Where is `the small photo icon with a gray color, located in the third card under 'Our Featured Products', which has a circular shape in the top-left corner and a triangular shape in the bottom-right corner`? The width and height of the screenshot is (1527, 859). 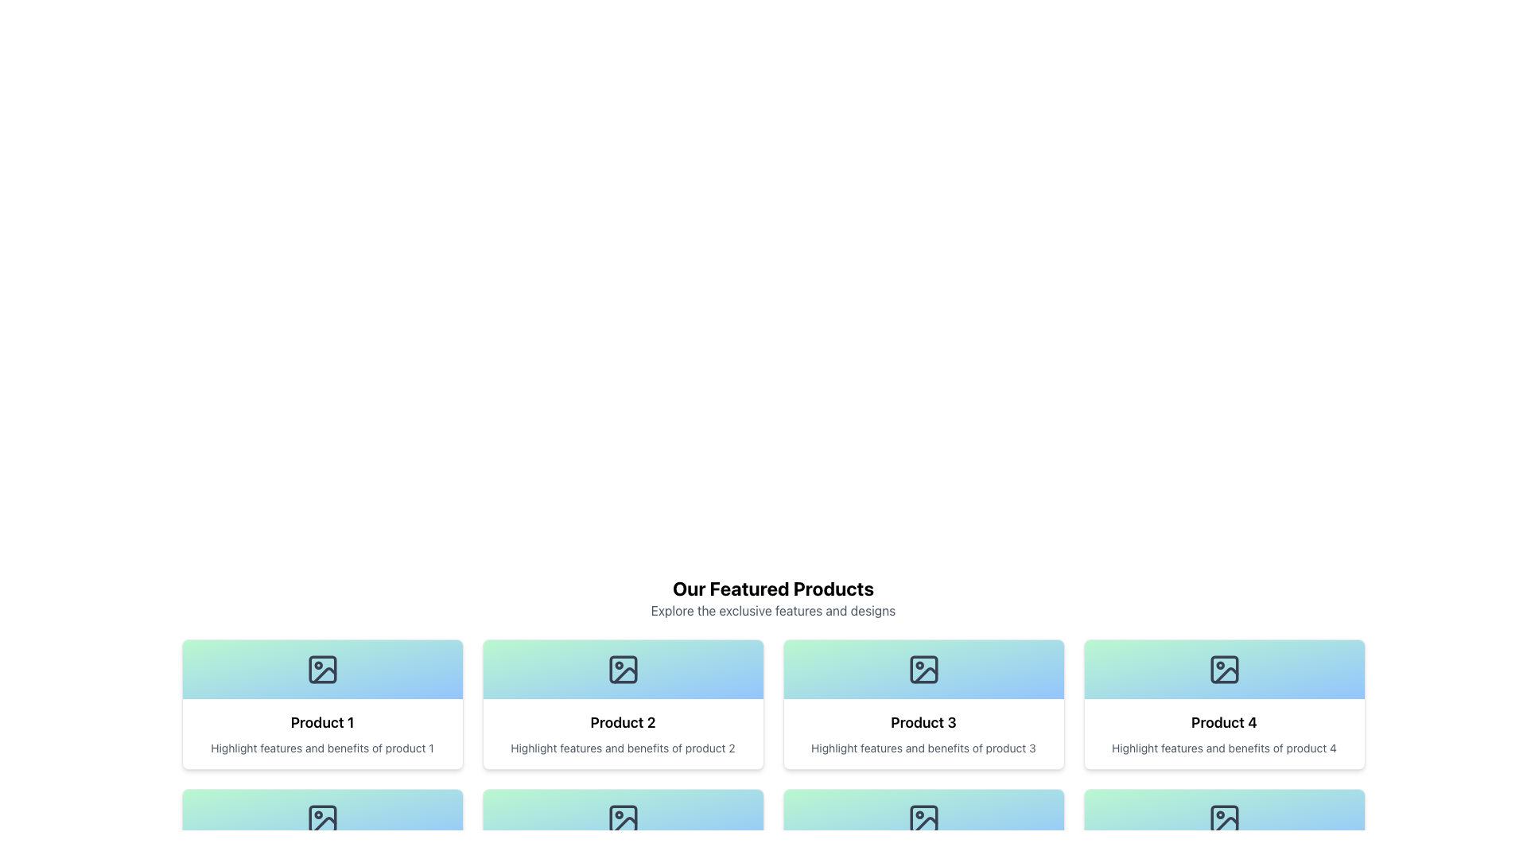 the small photo icon with a gray color, located in the third card under 'Our Featured Products', which has a circular shape in the top-left corner and a triangular shape in the bottom-right corner is located at coordinates (923, 669).